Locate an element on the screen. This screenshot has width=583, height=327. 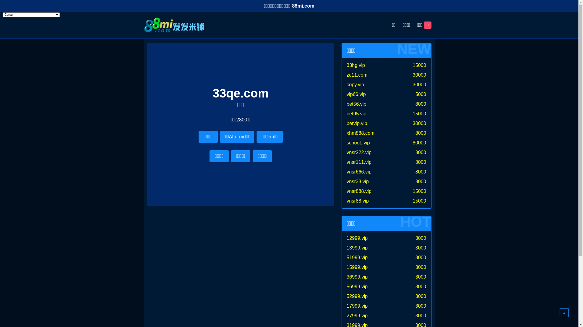
'vnsr88.vip' is located at coordinates (358, 201).